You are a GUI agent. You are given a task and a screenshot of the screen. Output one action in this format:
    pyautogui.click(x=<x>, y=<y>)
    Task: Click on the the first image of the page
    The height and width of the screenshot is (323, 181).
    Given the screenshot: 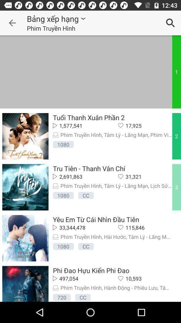 What is the action you would take?
    pyautogui.click(x=25, y=136)
    